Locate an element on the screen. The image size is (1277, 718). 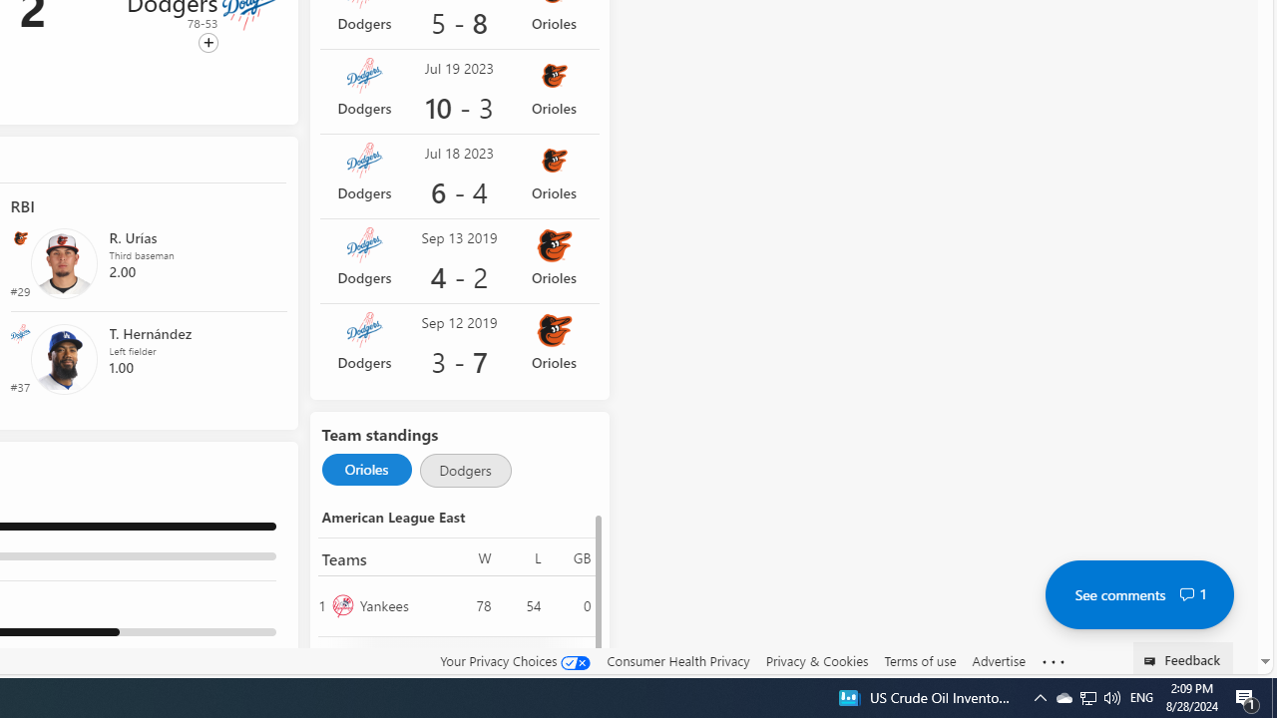
'Advertise' is located at coordinates (998, 661).